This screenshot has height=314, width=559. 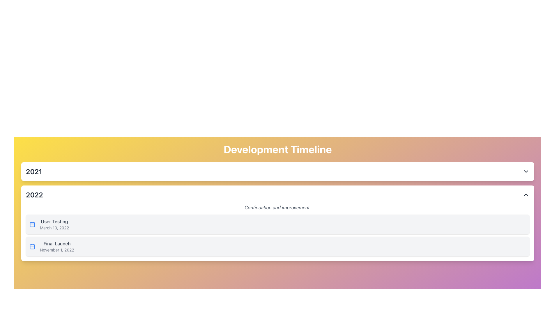 I want to click on the text label displaying the event name and date on the timeline under the year 2022, so click(x=54, y=224).